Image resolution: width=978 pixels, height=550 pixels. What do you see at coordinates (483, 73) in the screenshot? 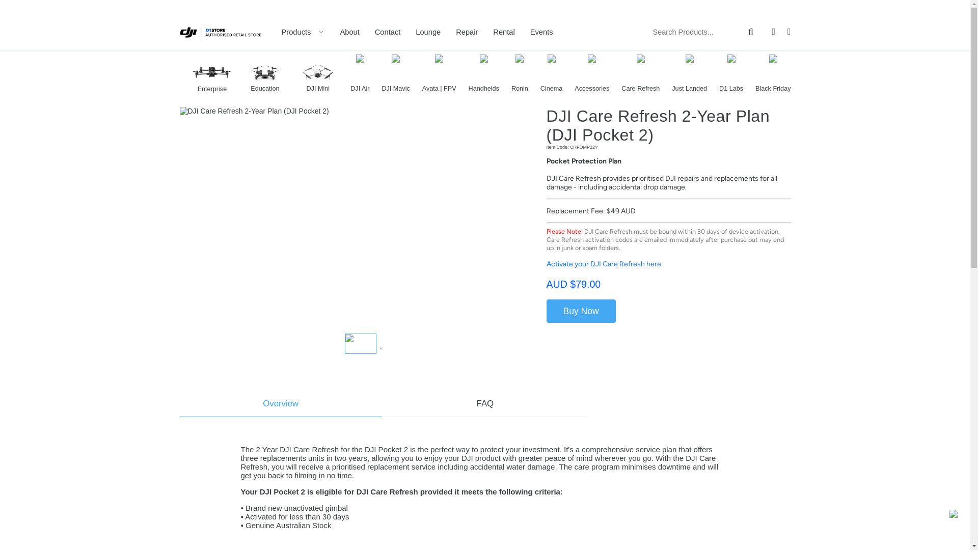
I see `'Handhelds'` at bounding box center [483, 73].